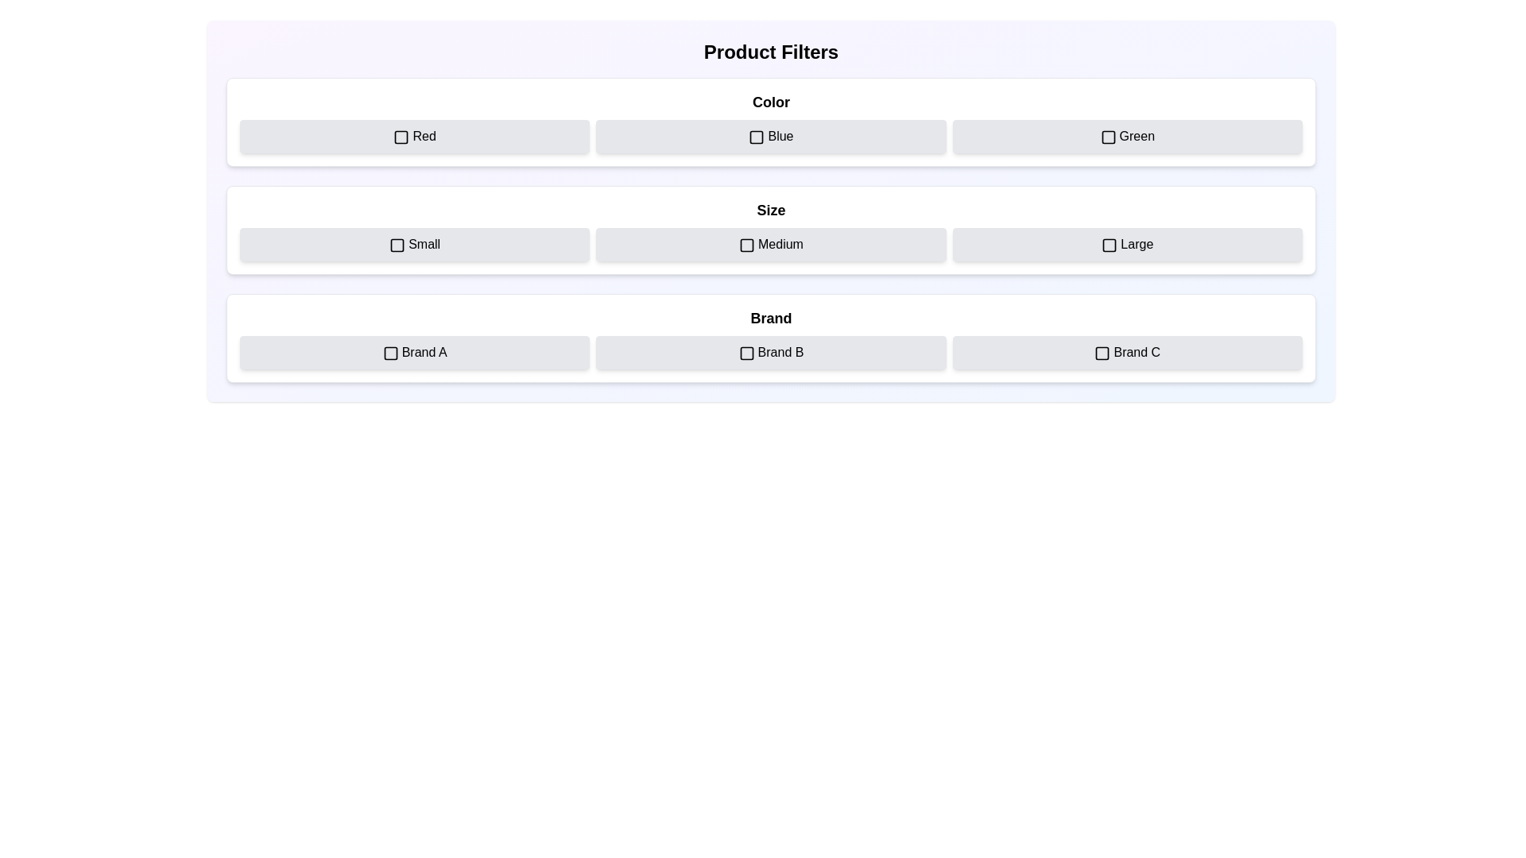 This screenshot has height=858, width=1526. What do you see at coordinates (756, 136) in the screenshot?
I see `the Checkbox indicator for the 'Blue' color filter` at bounding box center [756, 136].